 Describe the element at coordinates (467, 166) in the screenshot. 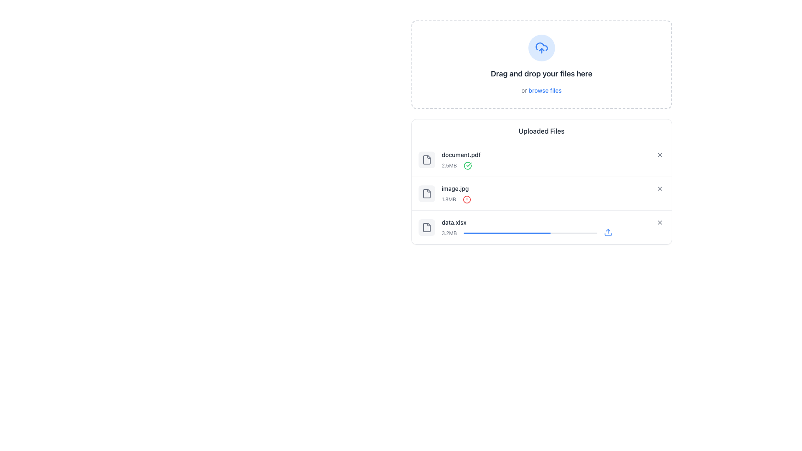

I see `the confirmation icon indicating the successful upload of 'document.pdf', located to the right of the '2.5MB' label in the uploaded files list` at that location.